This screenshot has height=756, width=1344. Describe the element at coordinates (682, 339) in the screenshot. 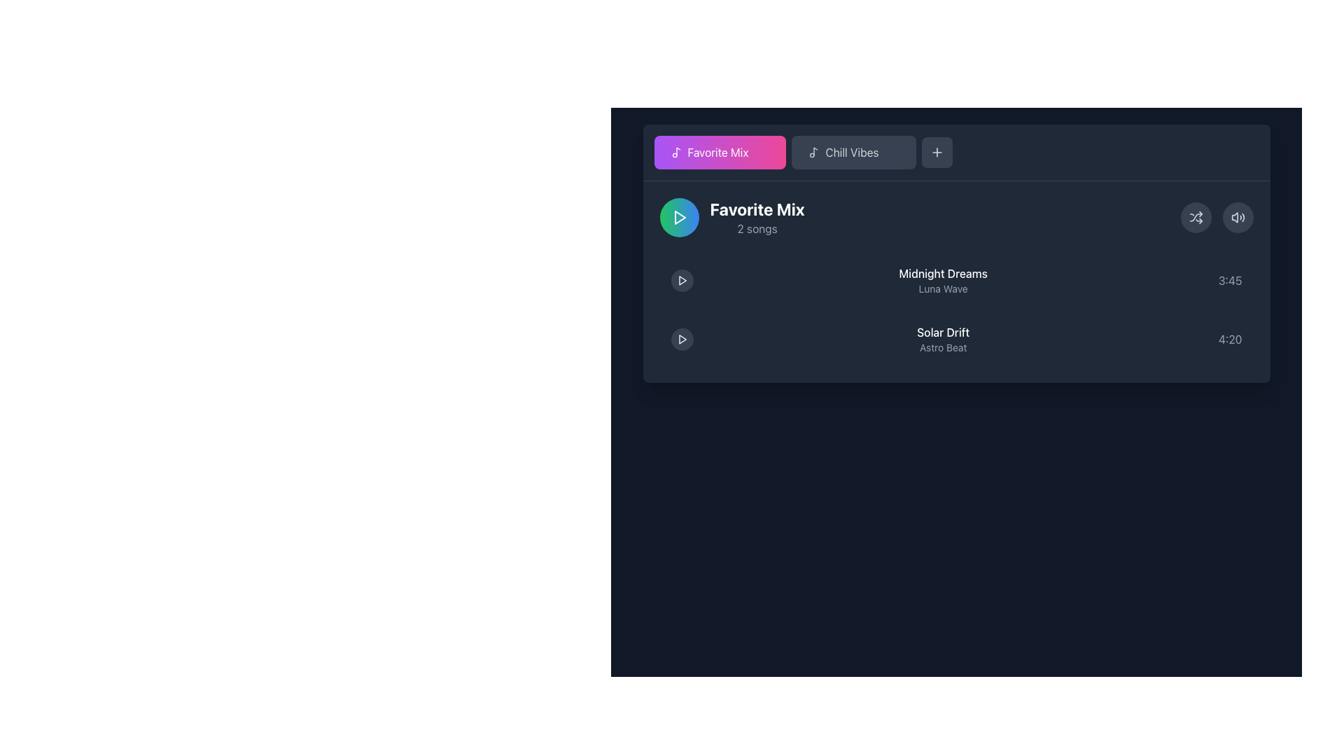

I see `the play button located in the second row of the playlist interface, adjacent to the title 'Solar Drift' by 'Astro Beat'` at that location.